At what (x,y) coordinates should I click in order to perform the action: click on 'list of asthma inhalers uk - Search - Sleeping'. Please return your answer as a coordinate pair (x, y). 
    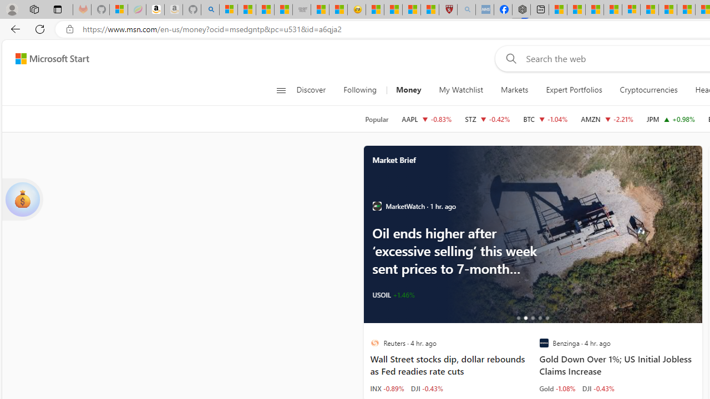
    Looking at the image, I should click on (466, 9).